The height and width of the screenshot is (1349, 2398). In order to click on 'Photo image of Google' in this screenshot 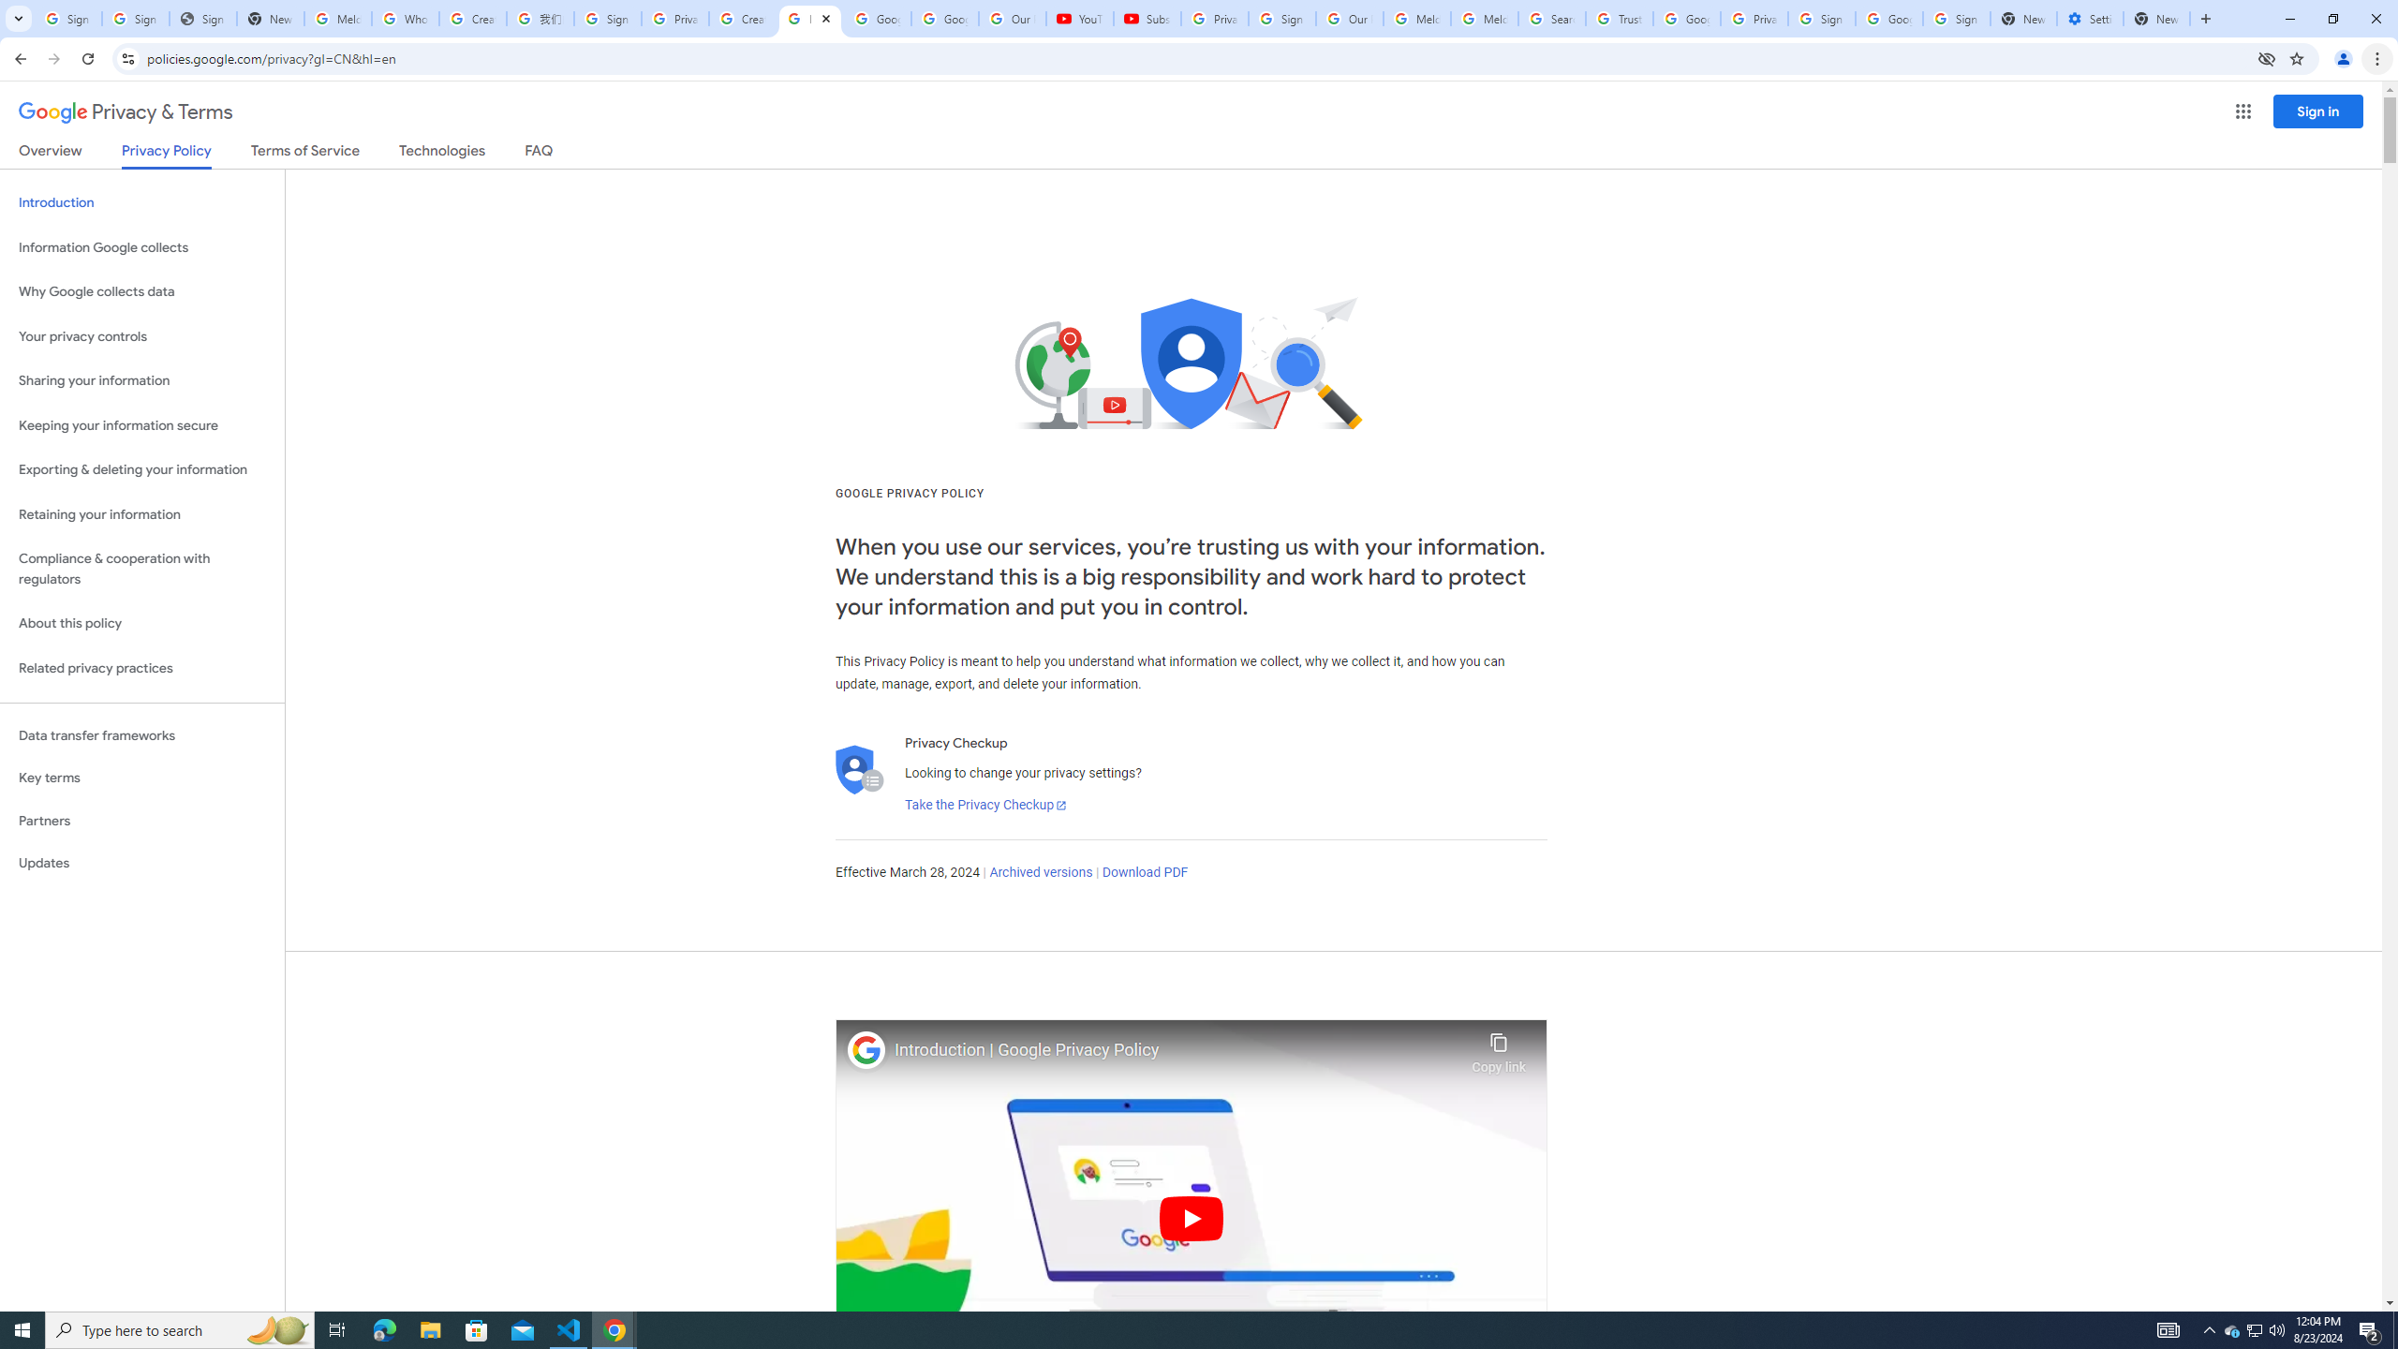, I will do `click(866, 1048)`.